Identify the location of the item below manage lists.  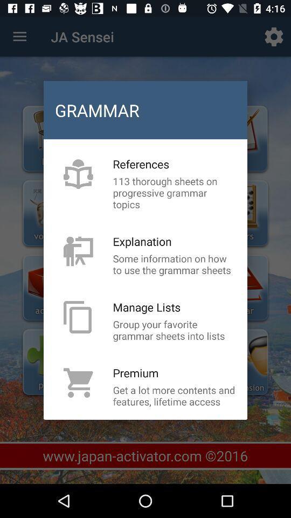
(174, 329).